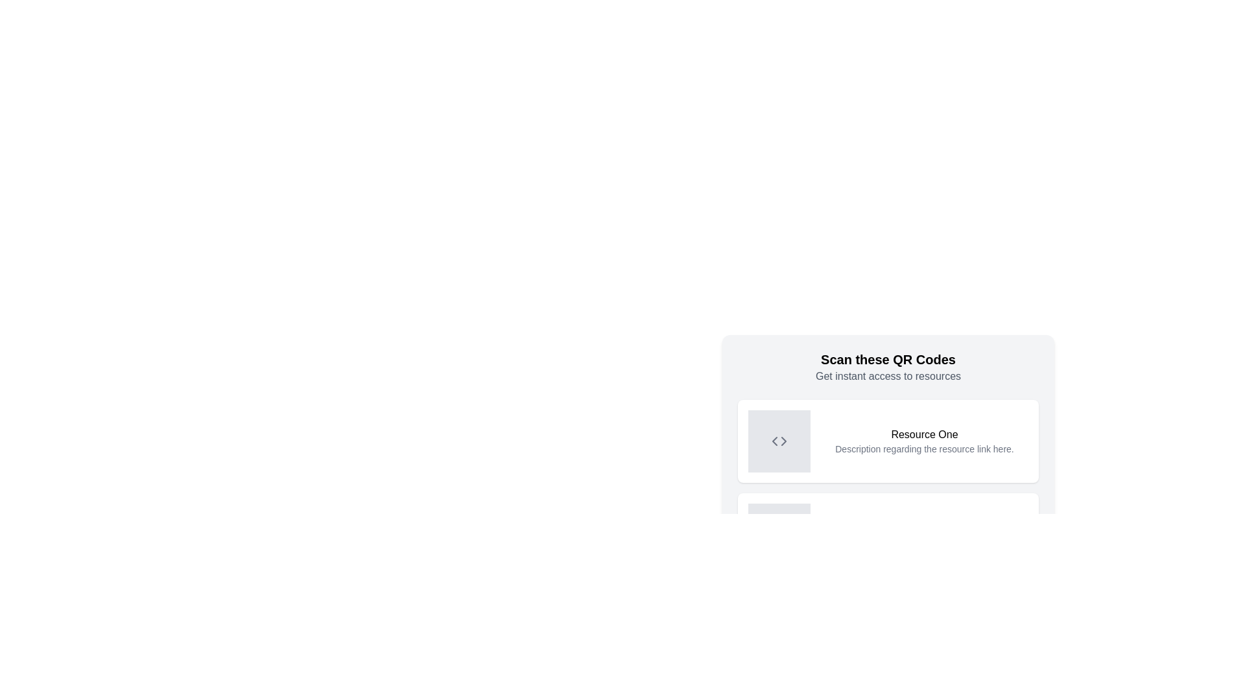  What do you see at coordinates (887, 377) in the screenshot?
I see `the static text displaying 'Get instant access to resources', which is styled in gray font and positioned beneath the bold text 'Scan these QR Codes'` at bounding box center [887, 377].